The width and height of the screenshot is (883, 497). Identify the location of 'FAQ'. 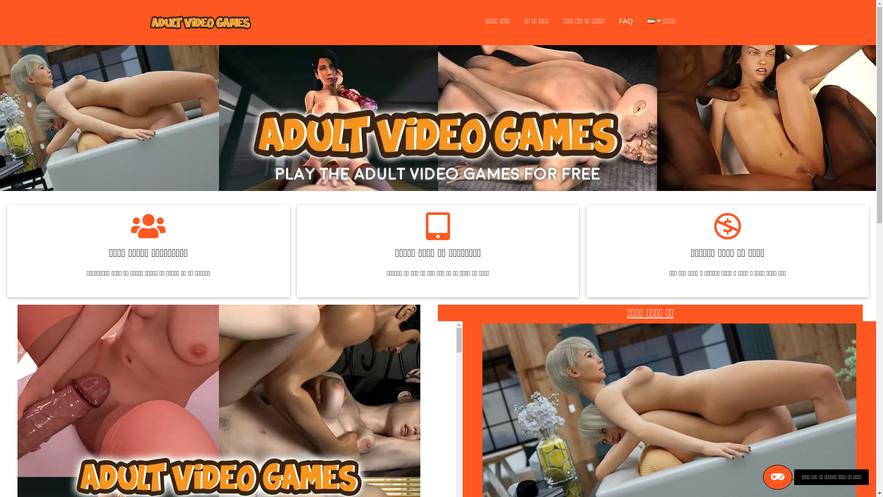
(625, 21).